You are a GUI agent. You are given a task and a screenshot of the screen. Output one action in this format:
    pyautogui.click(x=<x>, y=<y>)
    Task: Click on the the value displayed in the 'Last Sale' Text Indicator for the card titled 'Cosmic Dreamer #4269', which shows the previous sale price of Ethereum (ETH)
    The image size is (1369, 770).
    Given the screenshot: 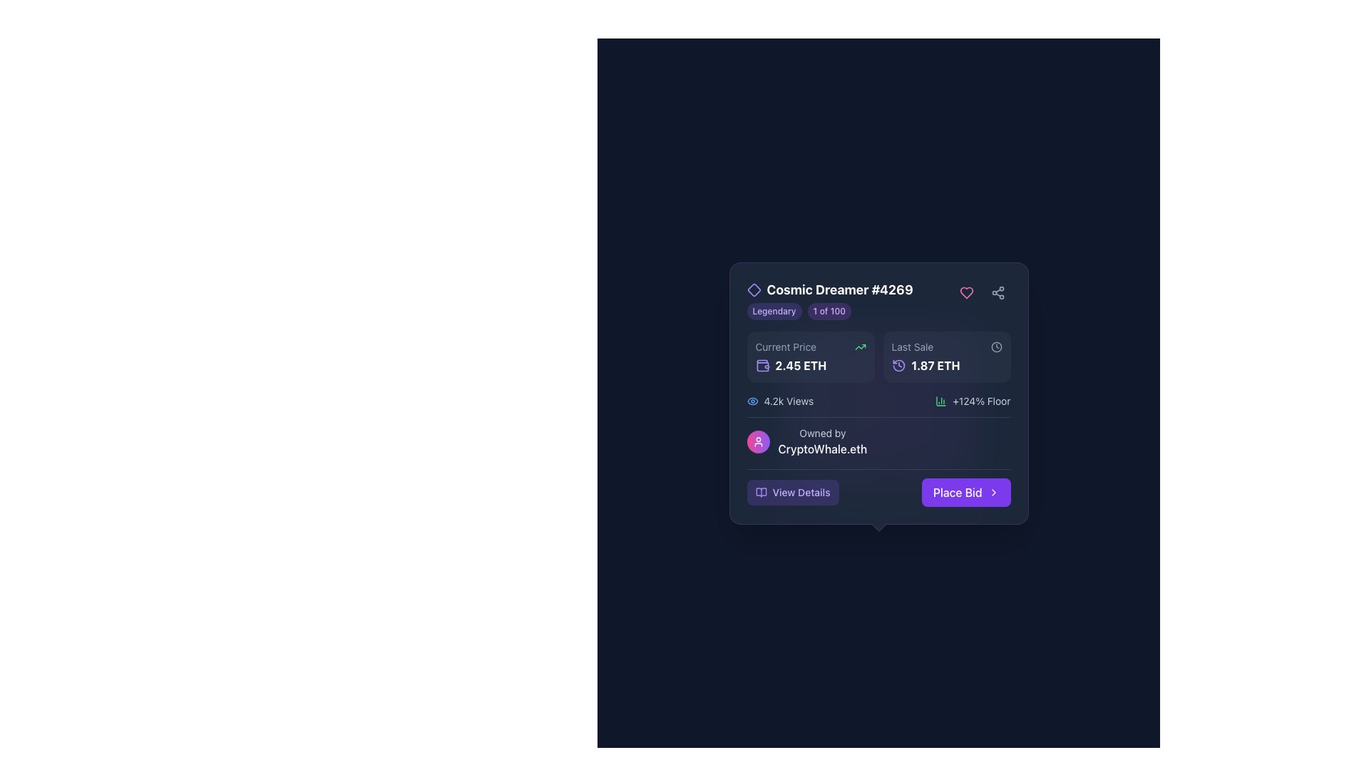 What is the action you would take?
    pyautogui.click(x=935, y=365)
    